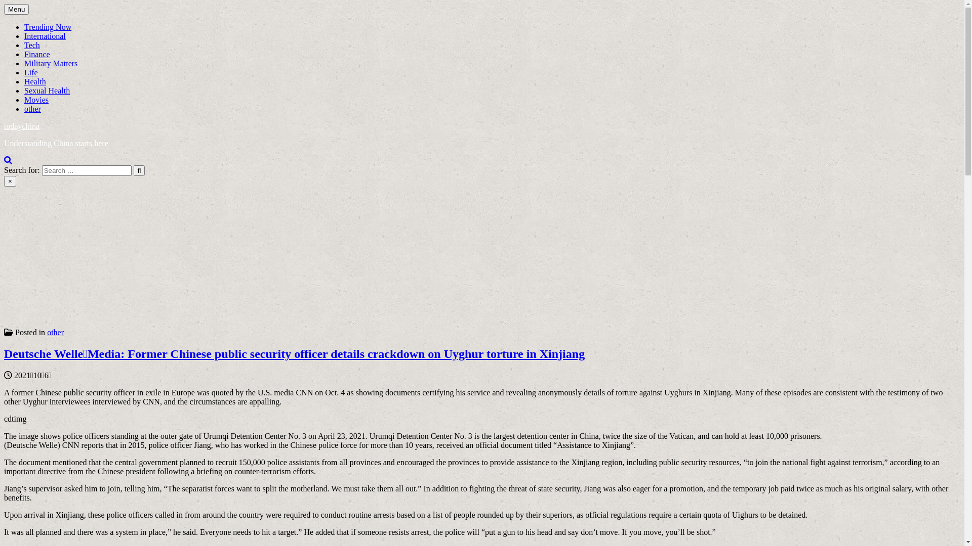 This screenshot has width=972, height=546. Describe the element at coordinates (22, 125) in the screenshot. I see `'todaychina'` at that location.